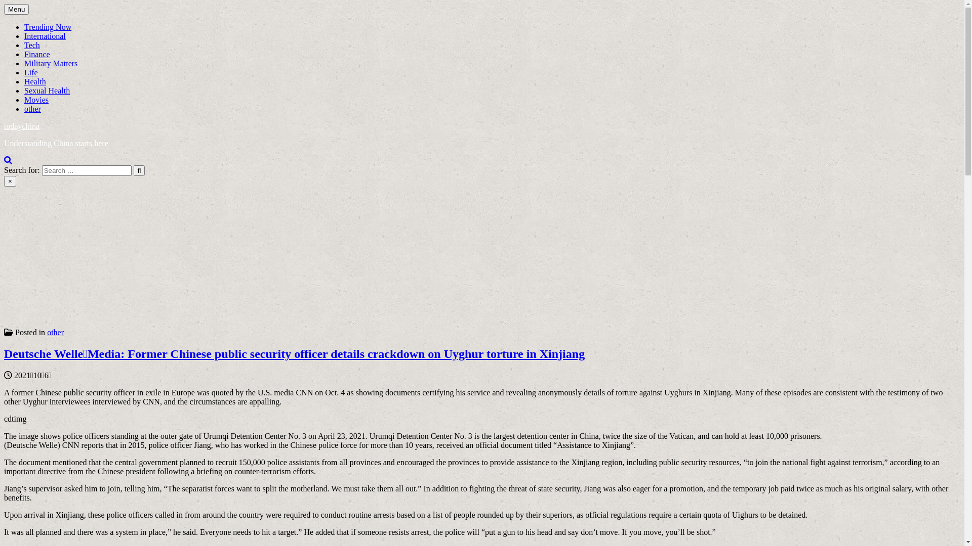 This screenshot has width=972, height=546. Describe the element at coordinates (22, 125) in the screenshot. I see `'todaychina'` at that location.